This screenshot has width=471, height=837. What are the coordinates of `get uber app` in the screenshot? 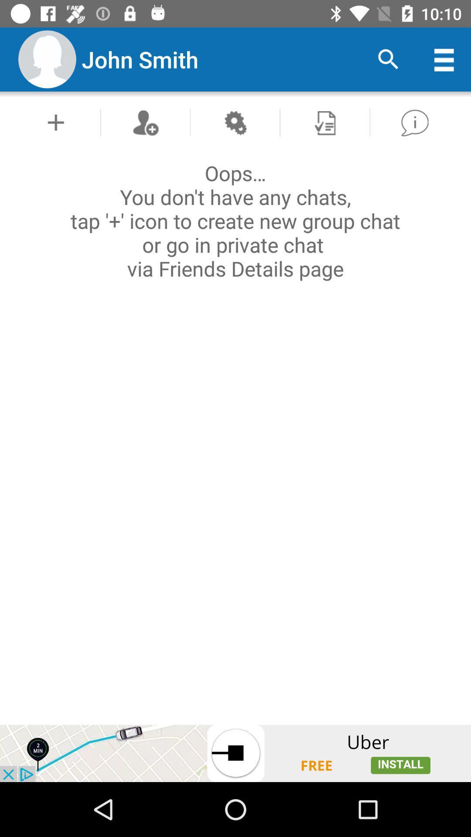 It's located at (235, 753).